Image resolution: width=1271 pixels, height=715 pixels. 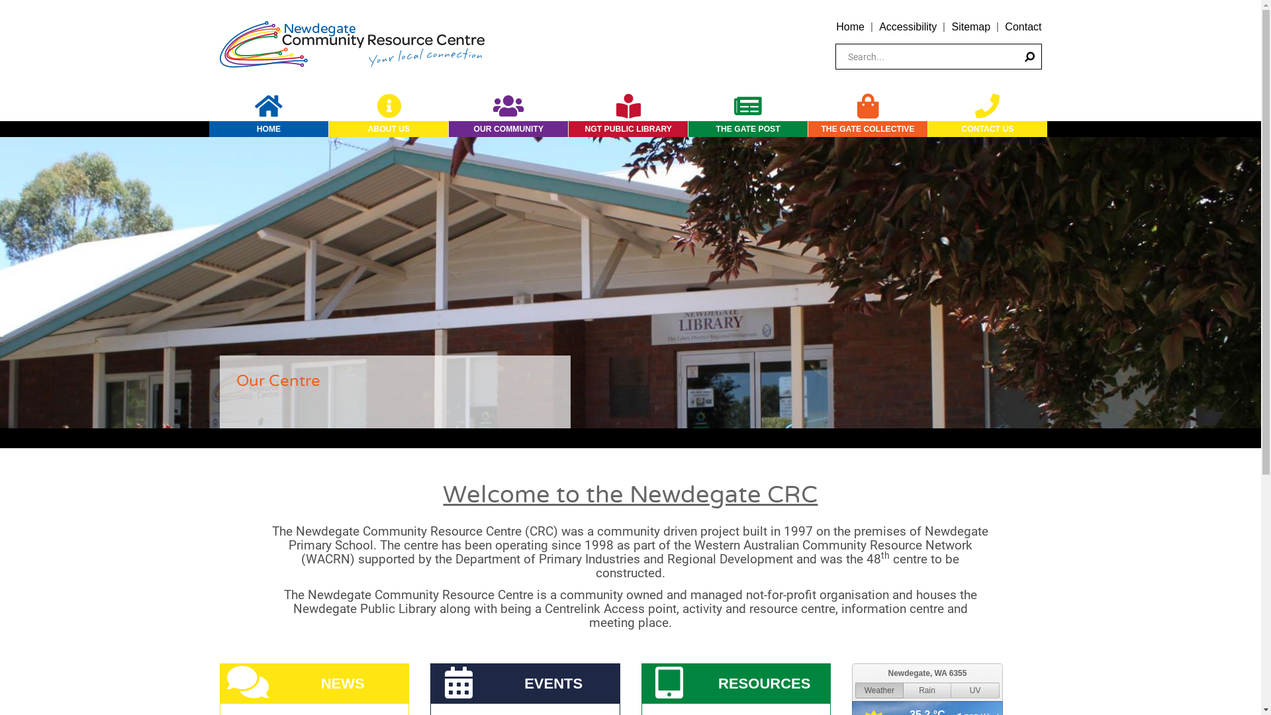 I want to click on 'ABOUT US', so click(x=387, y=129).